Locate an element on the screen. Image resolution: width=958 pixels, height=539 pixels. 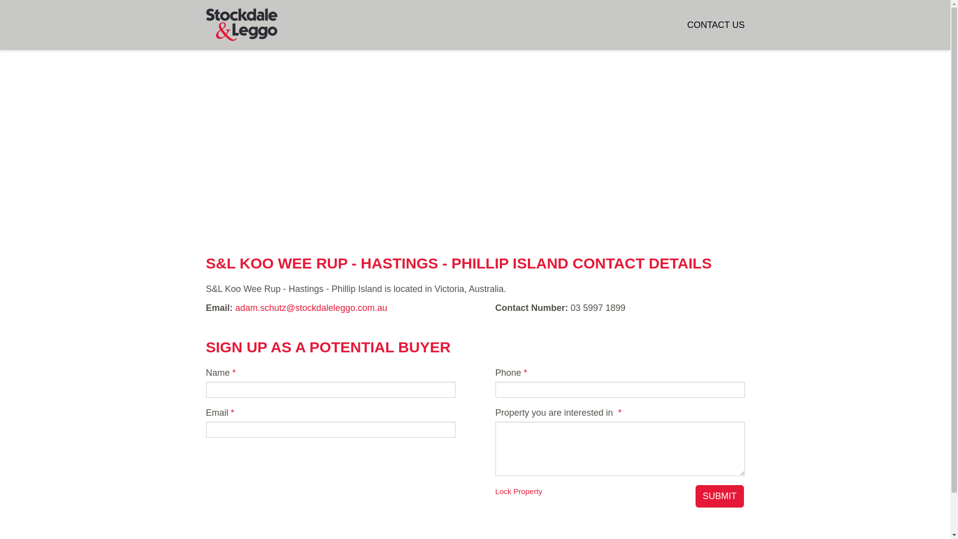
'Submit' is located at coordinates (719, 497).